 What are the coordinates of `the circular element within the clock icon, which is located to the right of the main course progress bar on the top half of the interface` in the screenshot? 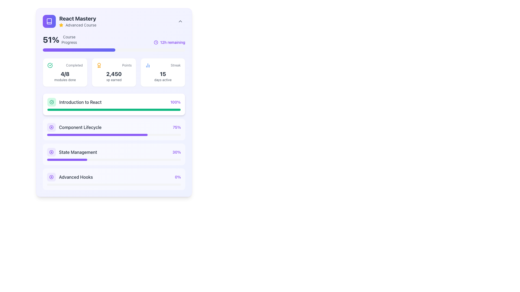 It's located at (155, 42).